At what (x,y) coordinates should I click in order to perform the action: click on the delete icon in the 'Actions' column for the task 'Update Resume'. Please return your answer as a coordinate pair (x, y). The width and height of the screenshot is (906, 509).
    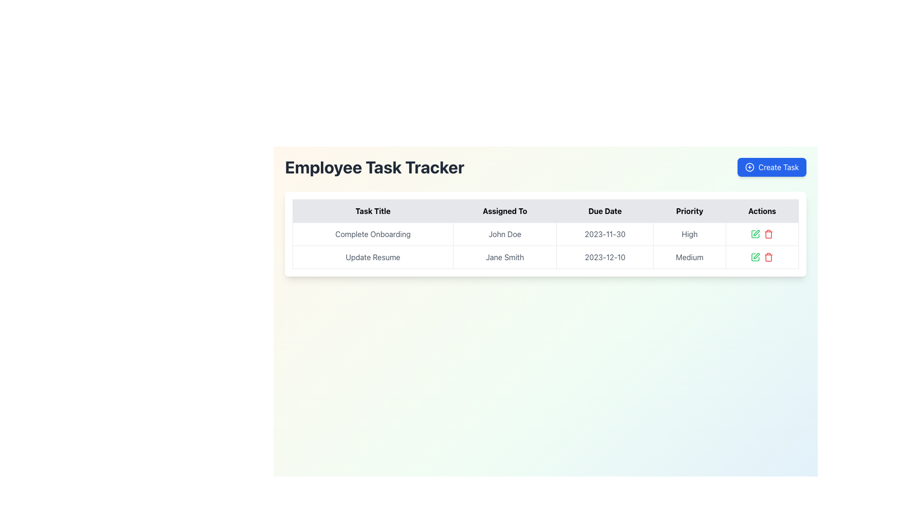
    Looking at the image, I should click on (769, 258).